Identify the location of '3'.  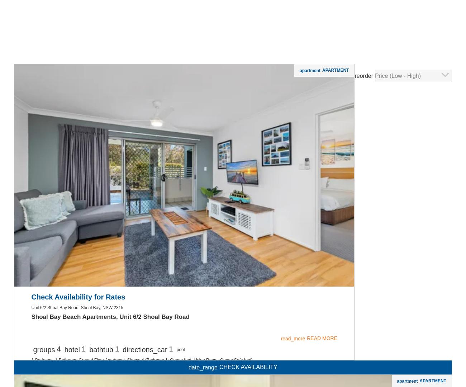
(88, 67).